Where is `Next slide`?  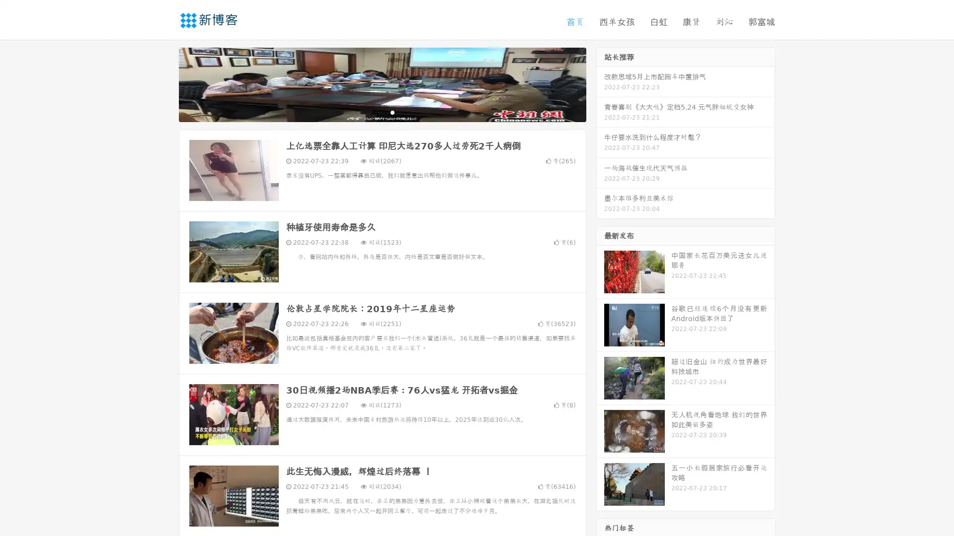
Next slide is located at coordinates (600, 83).